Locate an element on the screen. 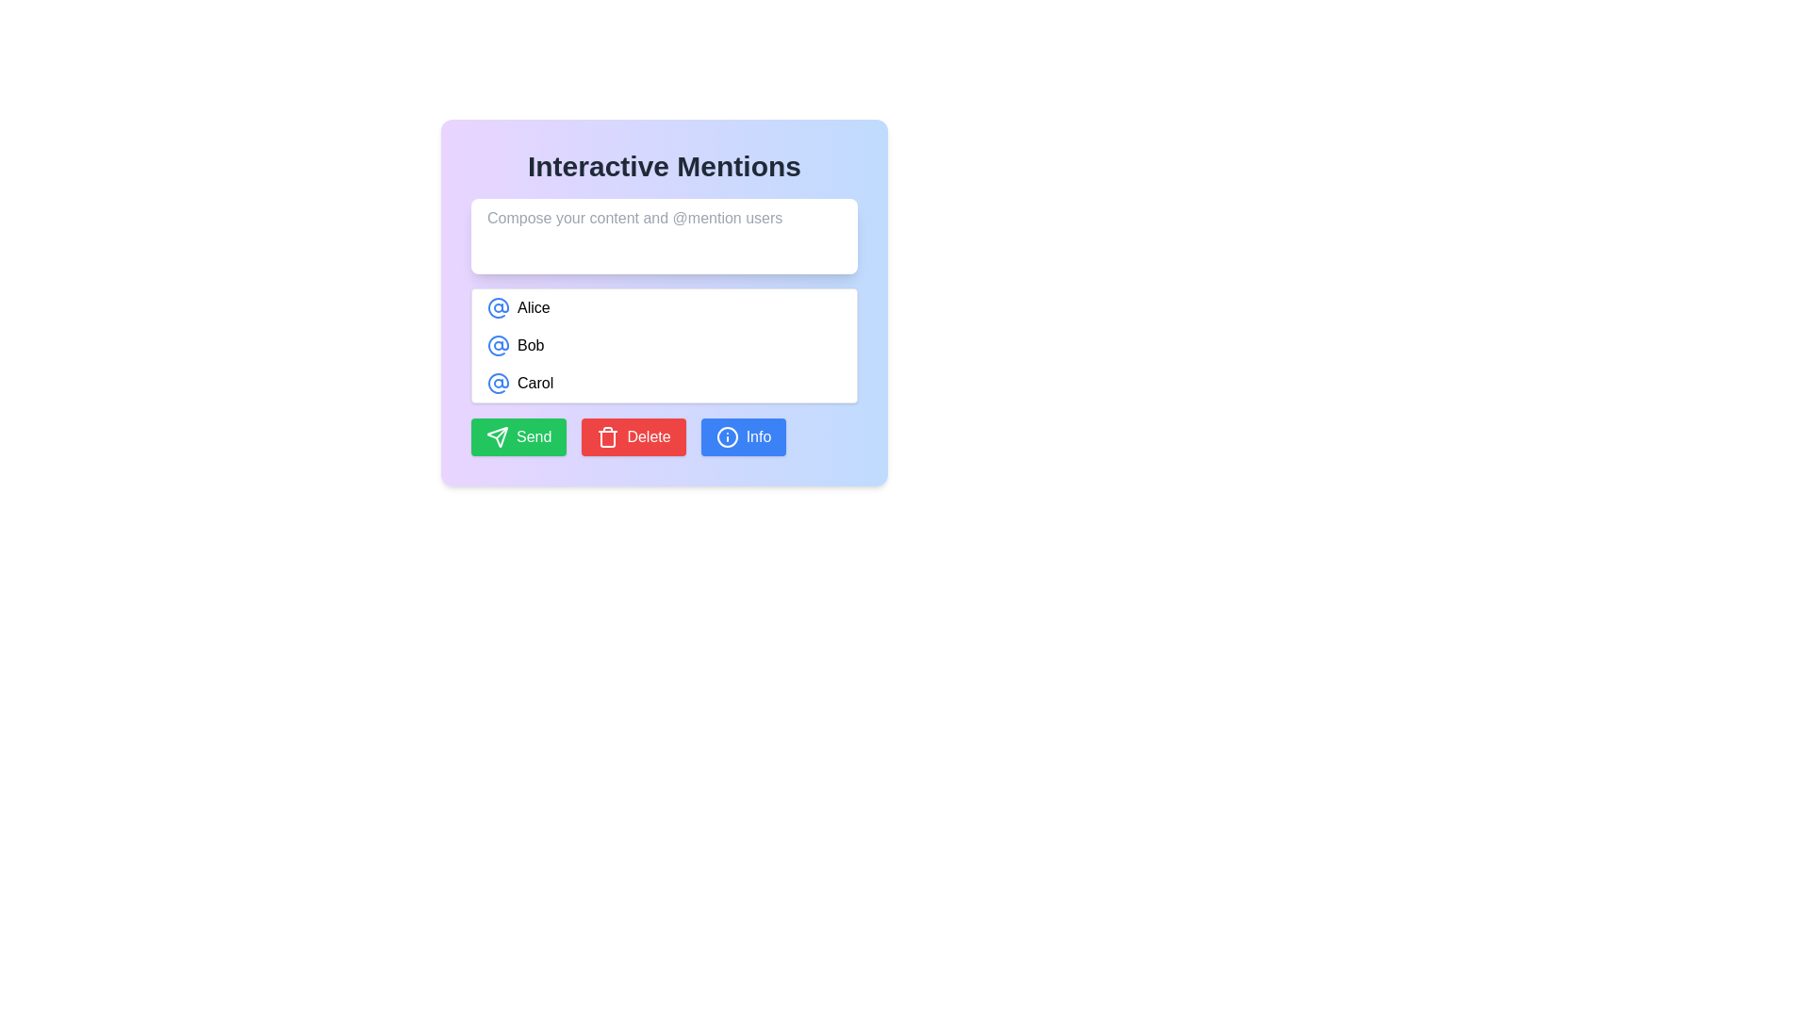 This screenshot has height=1018, width=1810. the circular blue 'info' icon located inside the 'Info' button at the bottom right corner of the UI, which has a white outline and a small white dot at its center is located at coordinates (726, 436).